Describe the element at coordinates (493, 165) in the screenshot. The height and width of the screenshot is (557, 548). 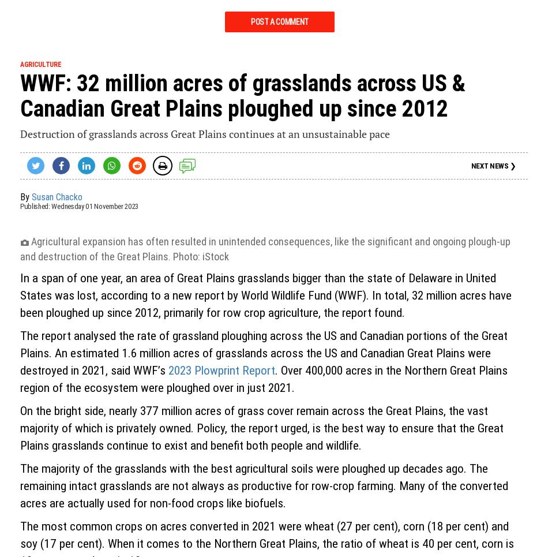
I see `'NEXT NEWS ❯'` at that location.